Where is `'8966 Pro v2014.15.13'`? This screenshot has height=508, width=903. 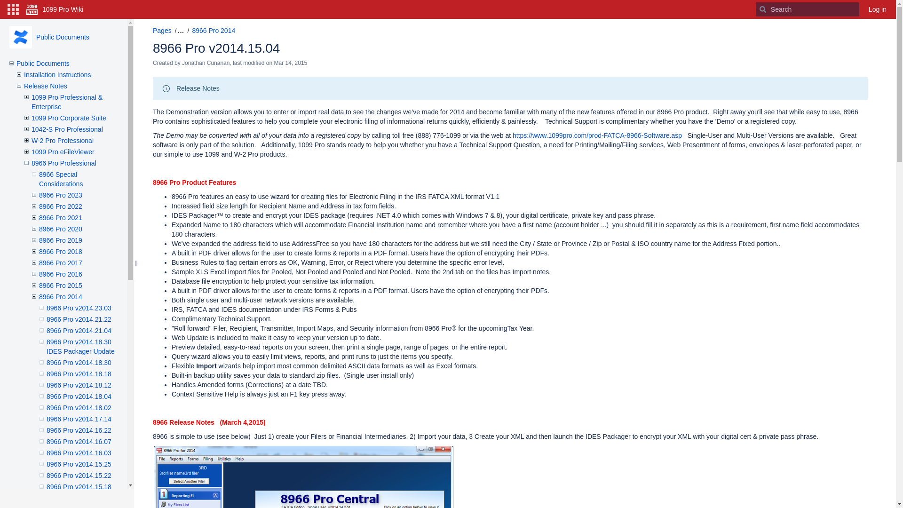
'8966 Pro v2014.15.13' is located at coordinates (79, 498).